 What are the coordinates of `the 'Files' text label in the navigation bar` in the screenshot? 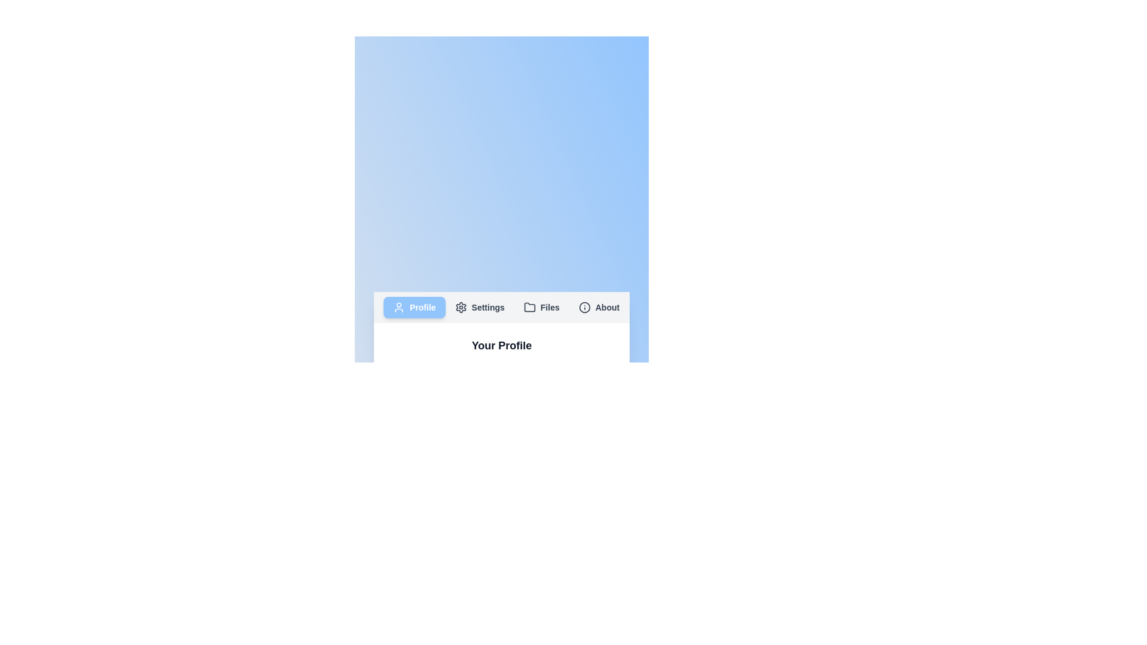 It's located at (549, 307).